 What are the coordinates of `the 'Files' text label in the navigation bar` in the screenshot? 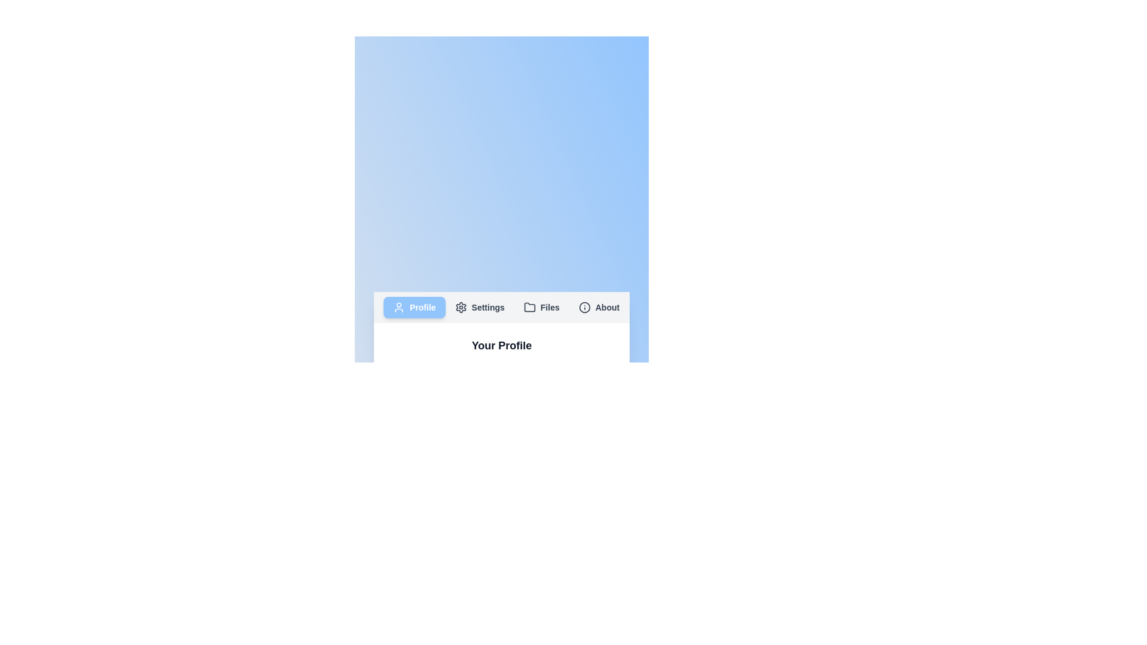 It's located at (549, 307).